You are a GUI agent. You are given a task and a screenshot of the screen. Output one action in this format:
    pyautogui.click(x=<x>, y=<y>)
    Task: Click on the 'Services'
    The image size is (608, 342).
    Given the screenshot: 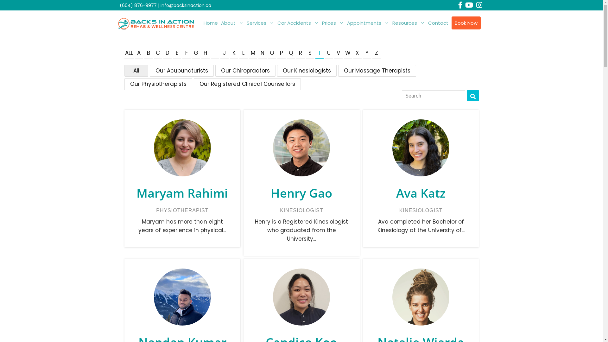 What is the action you would take?
    pyautogui.click(x=260, y=23)
    